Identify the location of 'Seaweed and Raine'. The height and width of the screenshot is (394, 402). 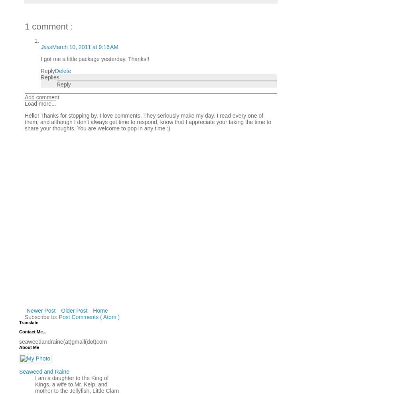
(44, 371).